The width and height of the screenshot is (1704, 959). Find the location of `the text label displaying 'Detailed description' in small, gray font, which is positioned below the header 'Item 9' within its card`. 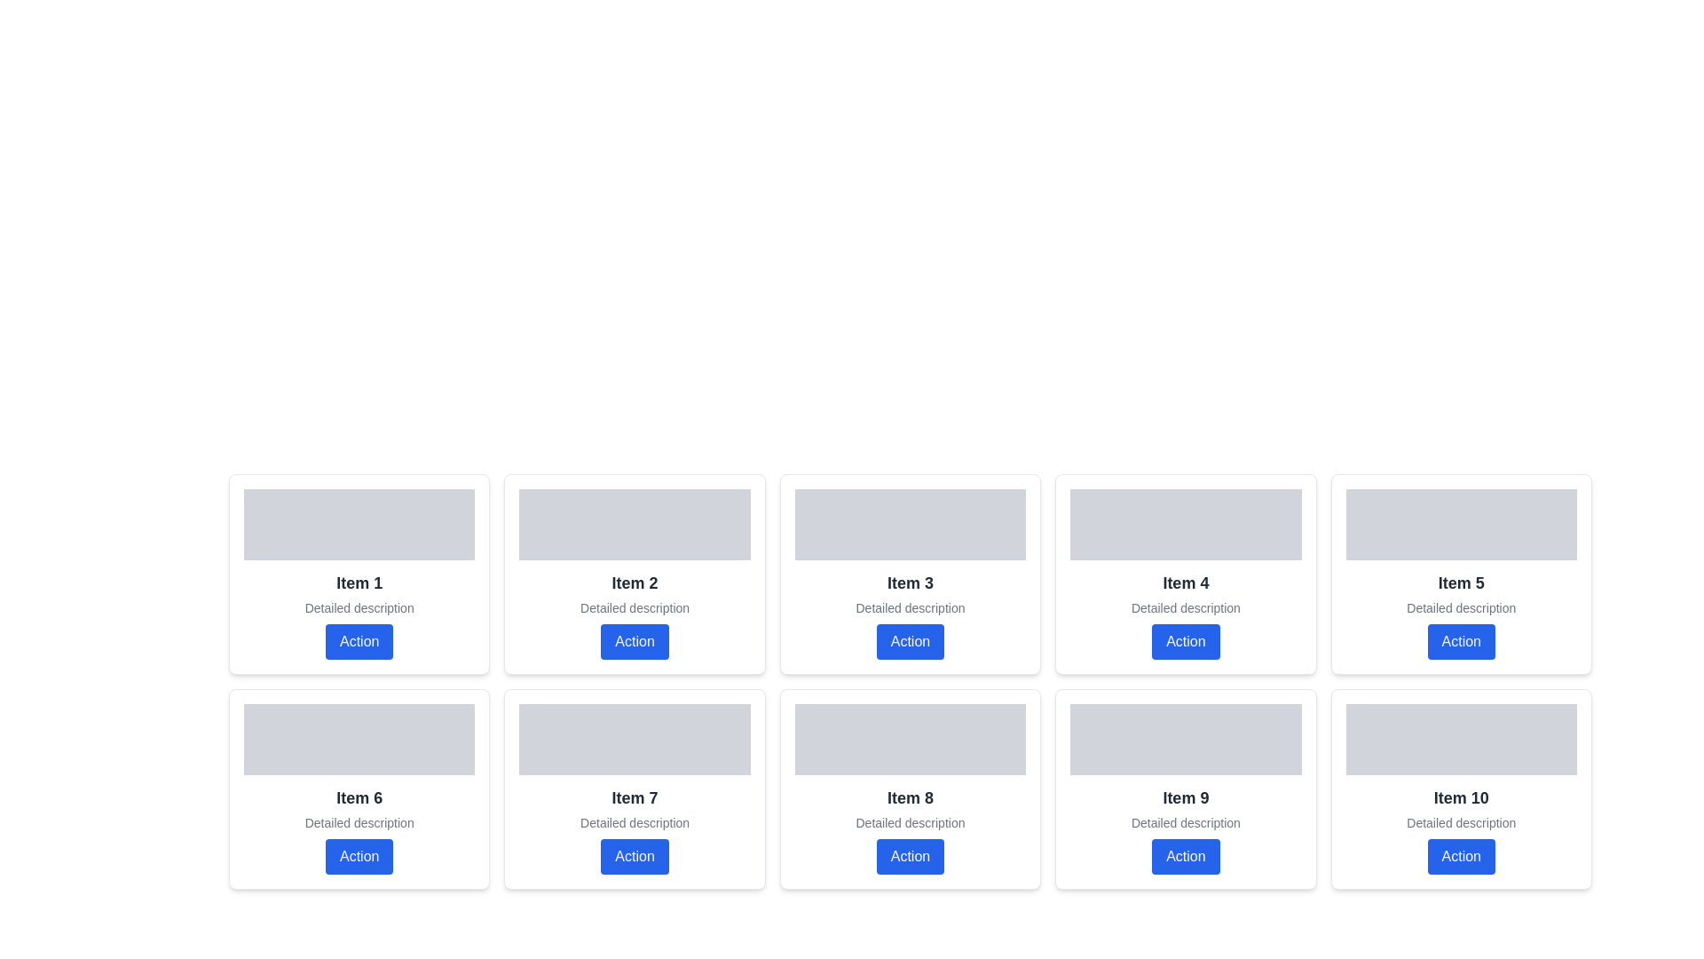

the text label displaying 'Detailed description' in small, gray font, which is positioned below the header 'Item 9' within its card is located at coordinates (1186, 822).